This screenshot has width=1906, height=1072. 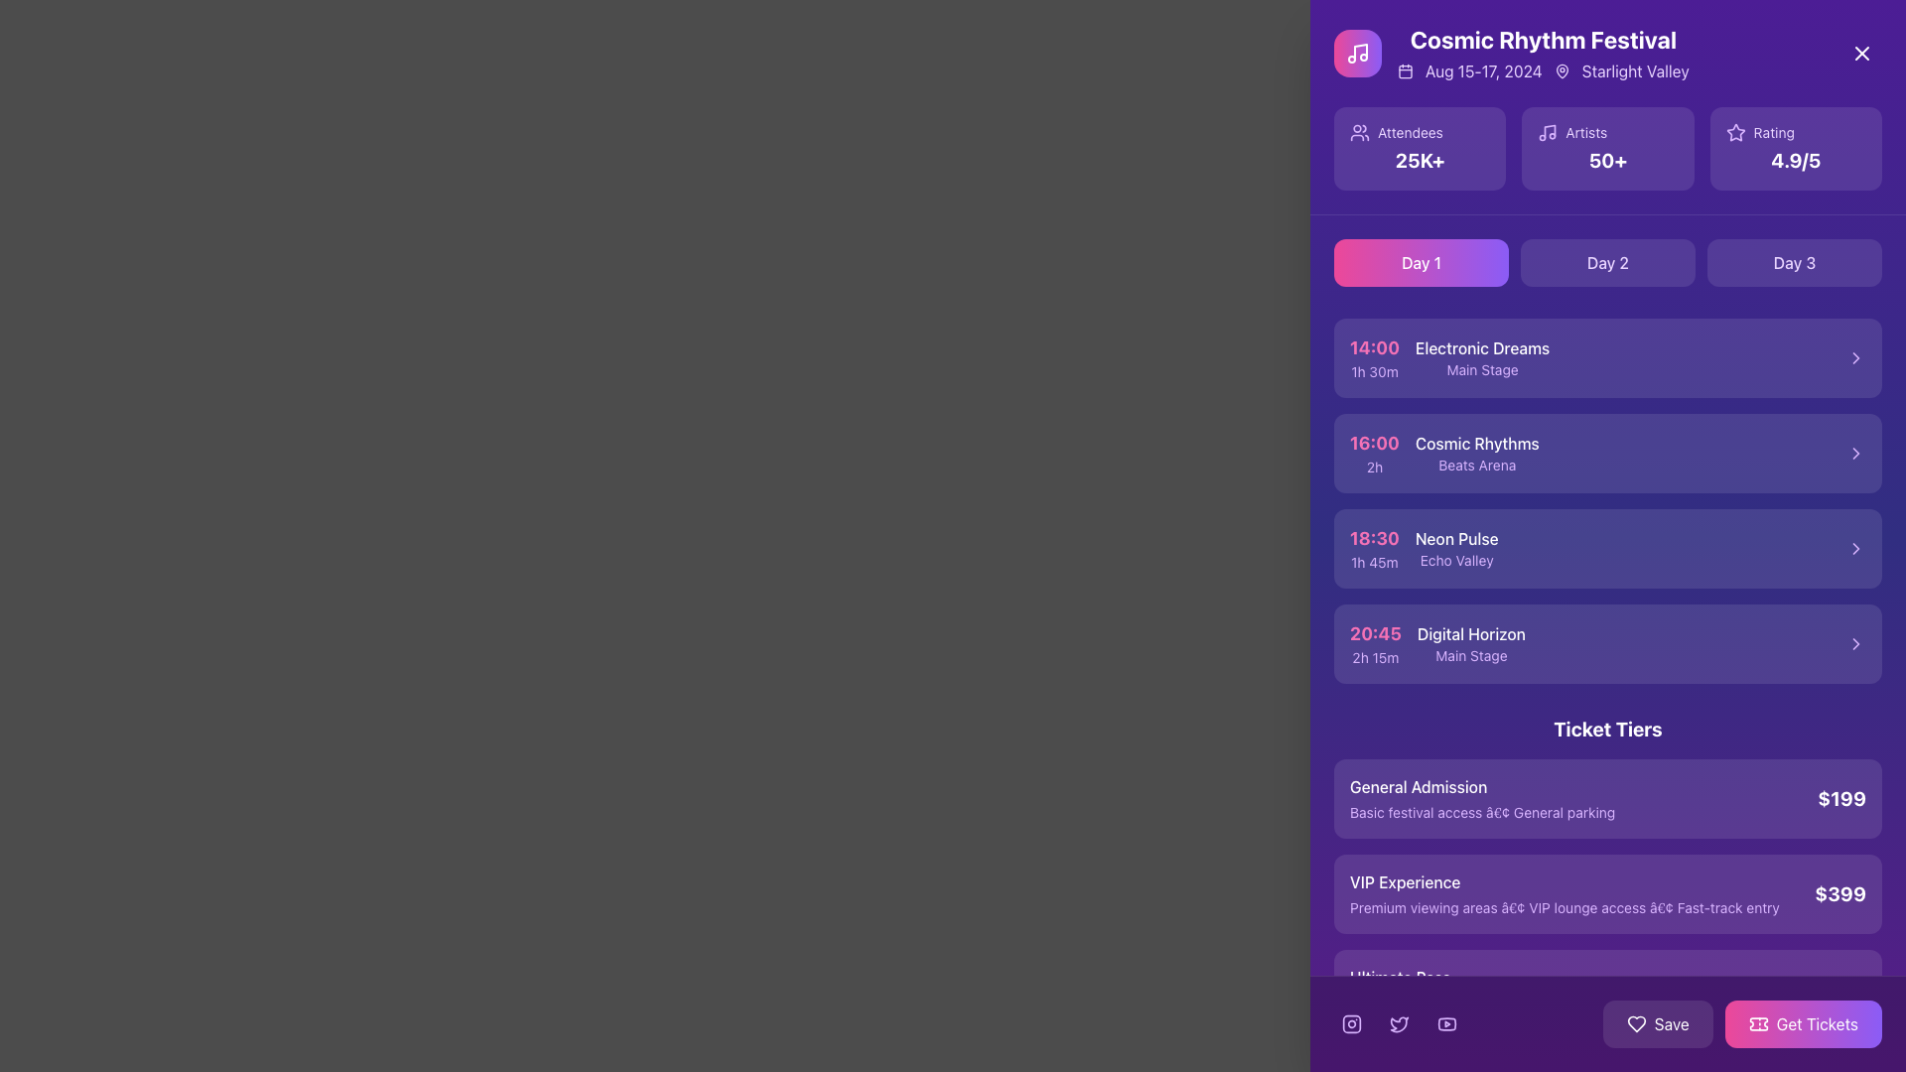 What do you see at coordinates (1482, 347) in the screenshot?
I see `text label displaying the title of the event occurring at 14:00 on Day 1, which is the first event listed in the schedule interface` at bounding box center [1482, 347].